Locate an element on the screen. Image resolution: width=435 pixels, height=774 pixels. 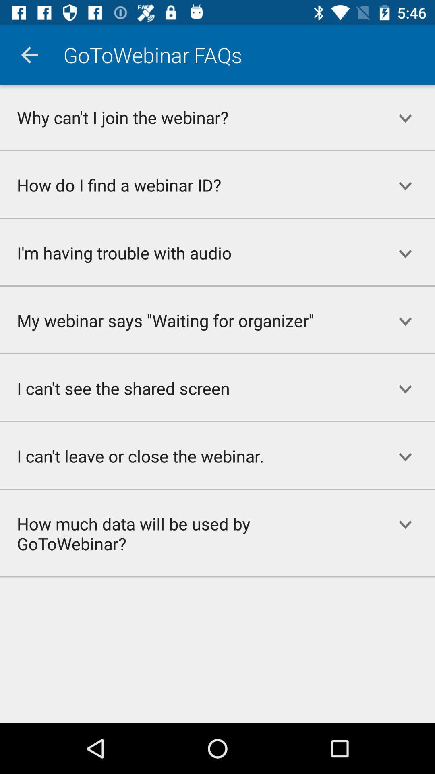
how do i icon is located at coordinates (188, 185).